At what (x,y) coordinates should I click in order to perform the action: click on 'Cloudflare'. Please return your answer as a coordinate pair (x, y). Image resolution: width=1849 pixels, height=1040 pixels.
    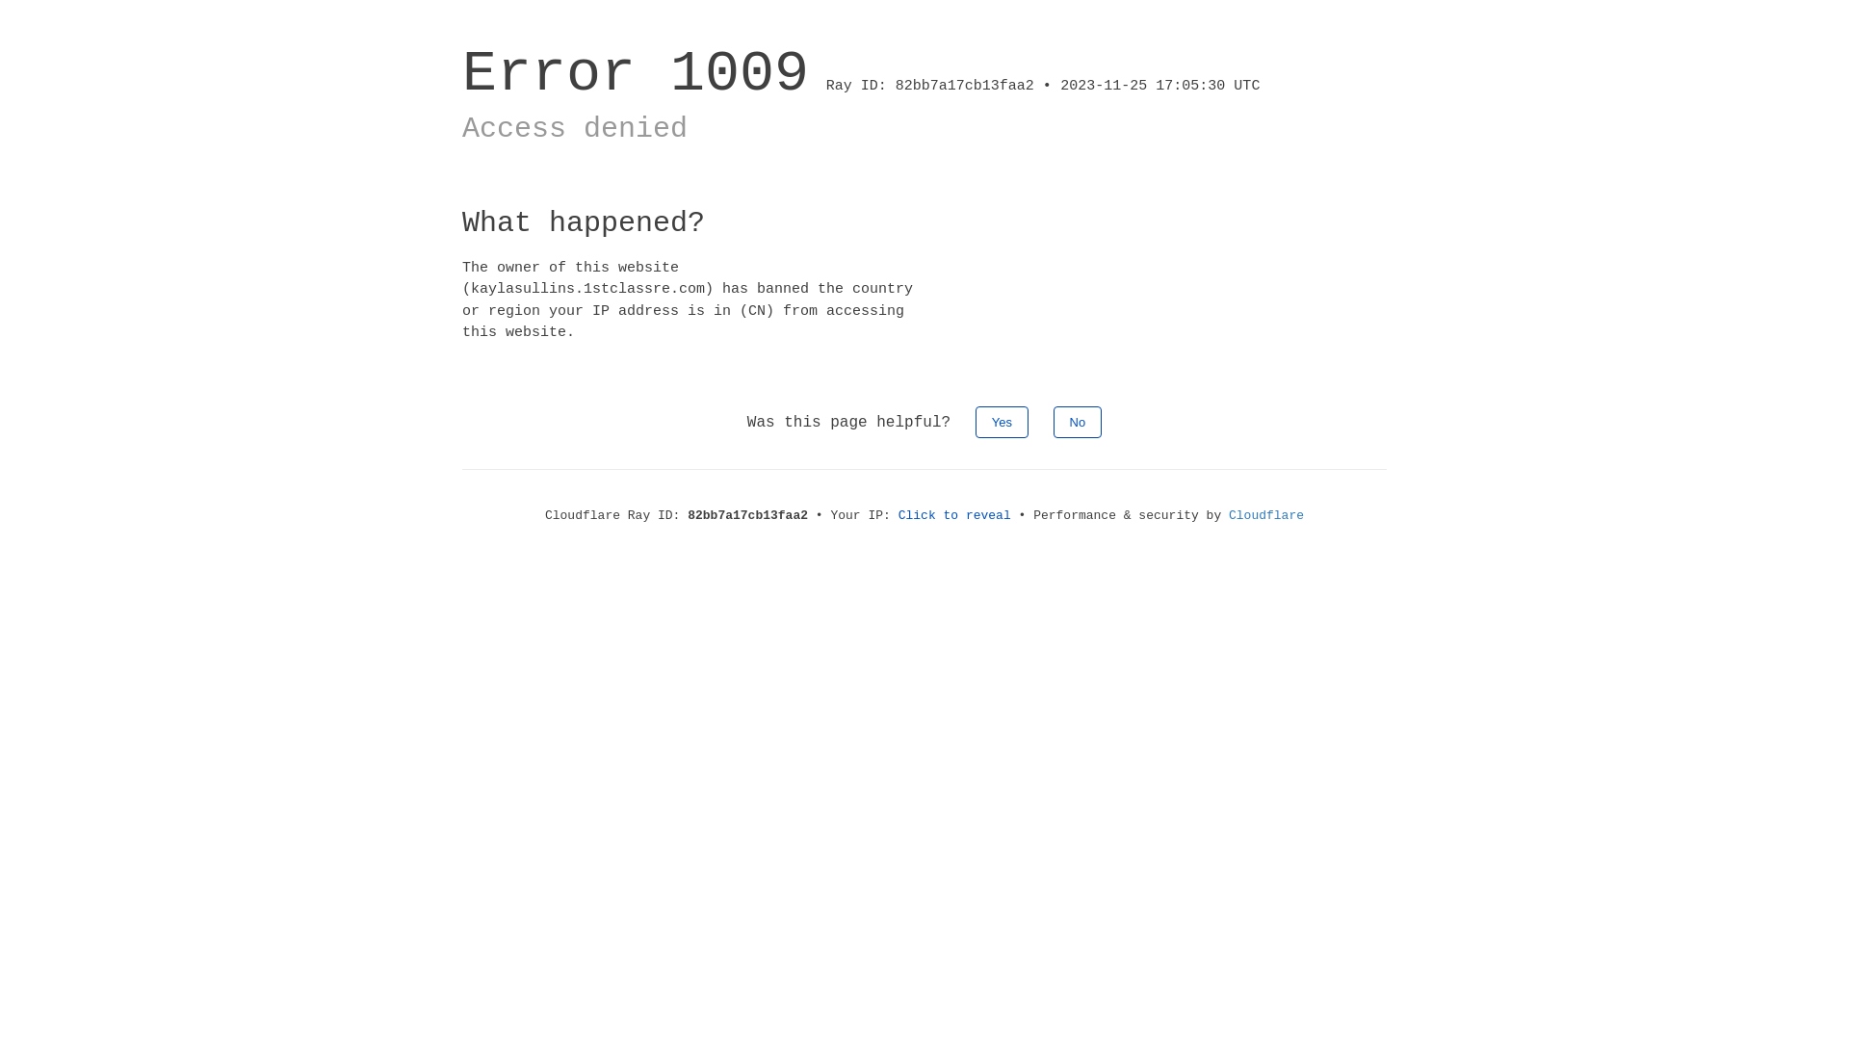
    Looking at the image, I should click on (1266, 514).